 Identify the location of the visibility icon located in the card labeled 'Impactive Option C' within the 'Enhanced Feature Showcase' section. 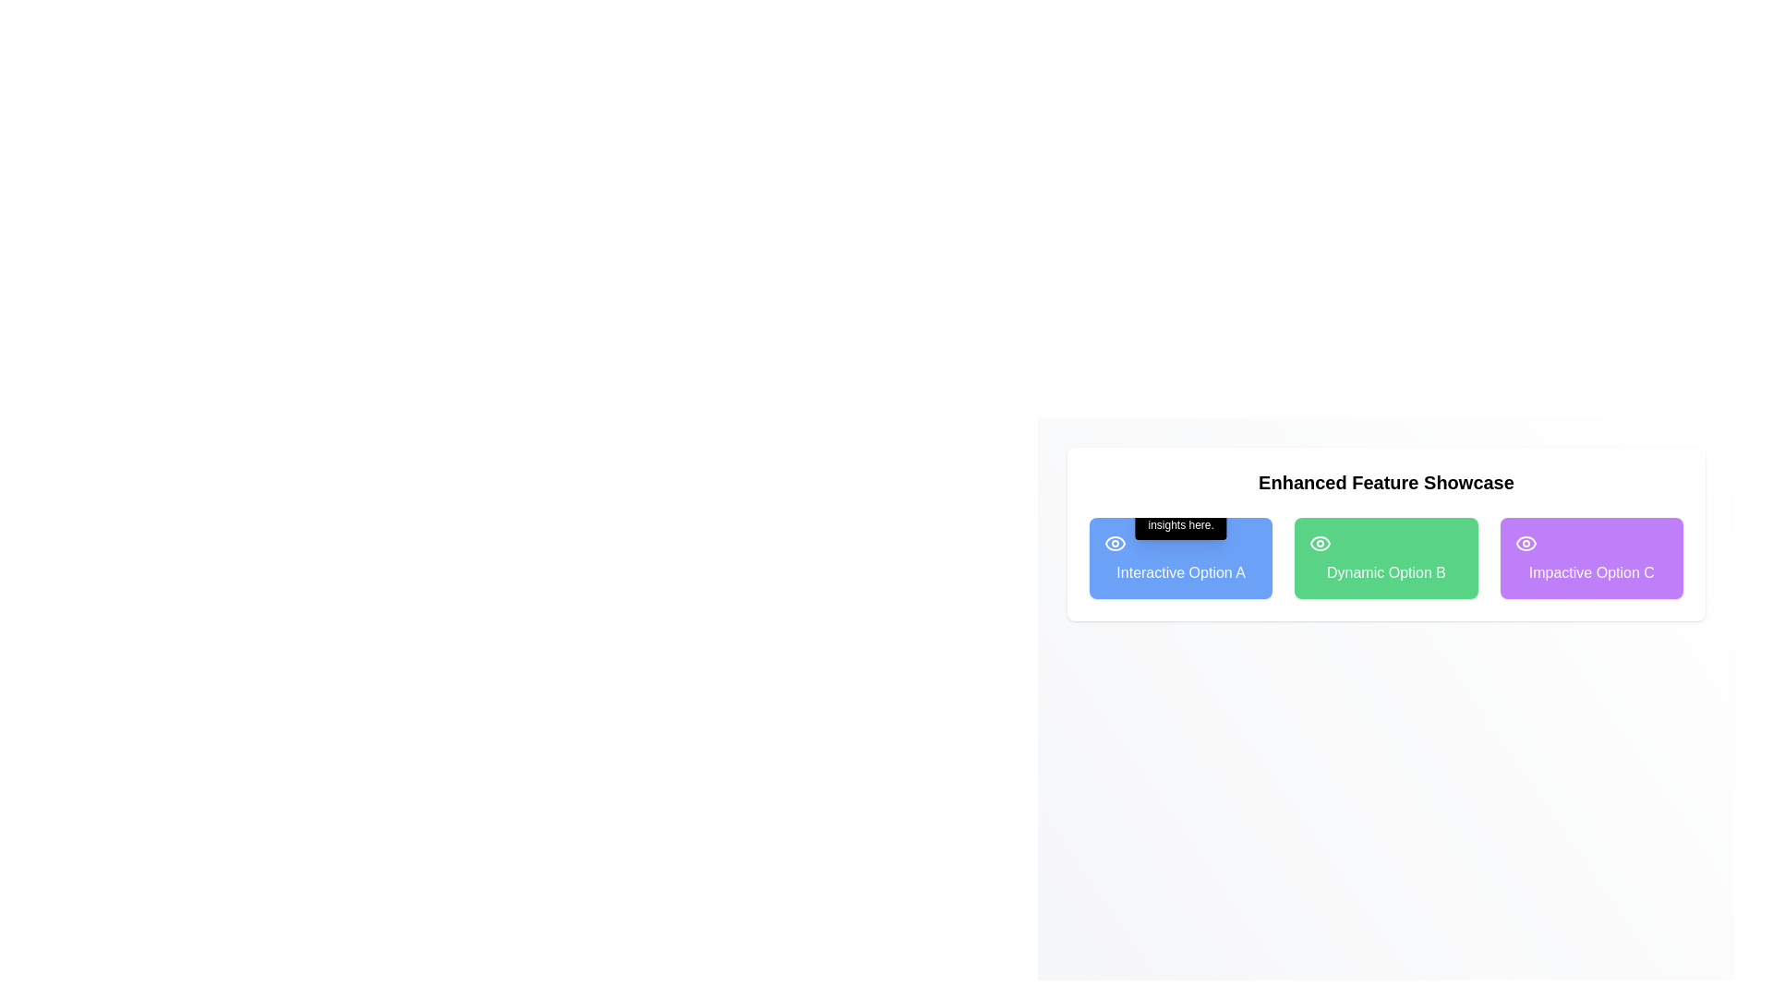
(1526, 543).